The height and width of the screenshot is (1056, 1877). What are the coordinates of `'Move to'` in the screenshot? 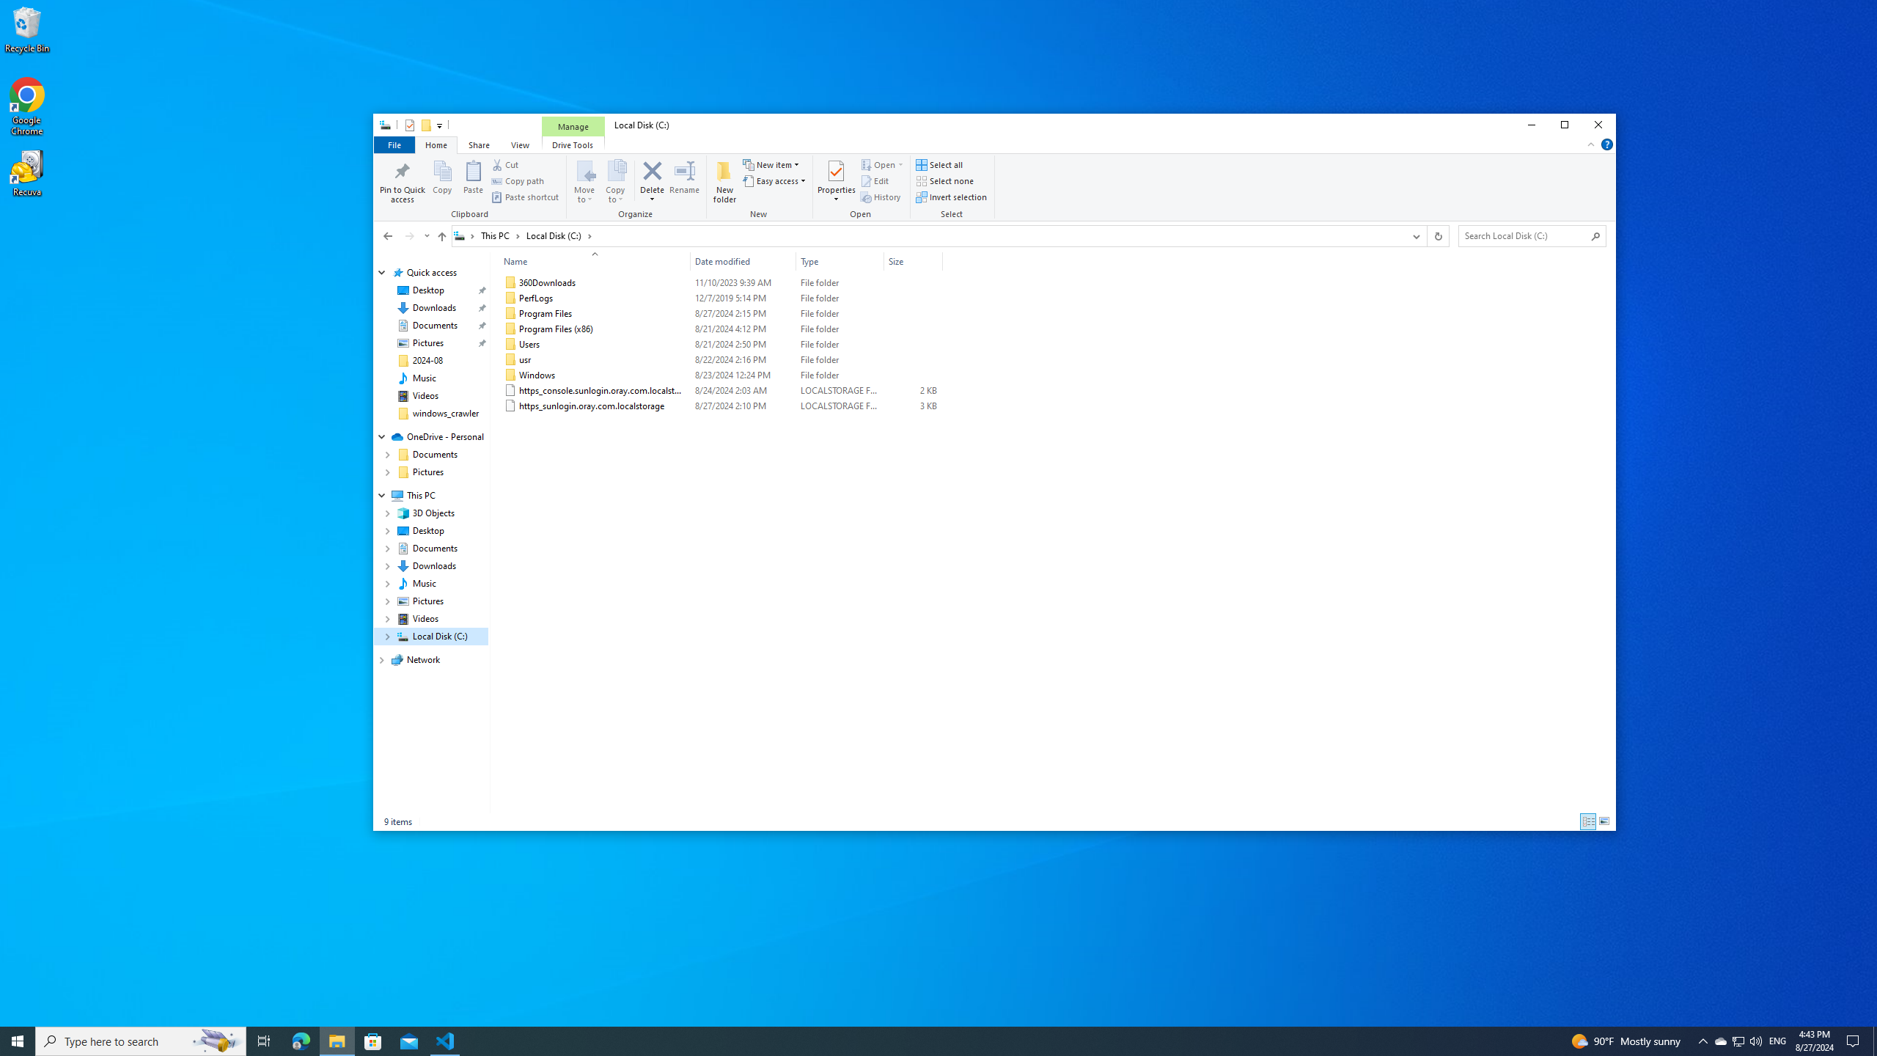 It's located at (585, 180).